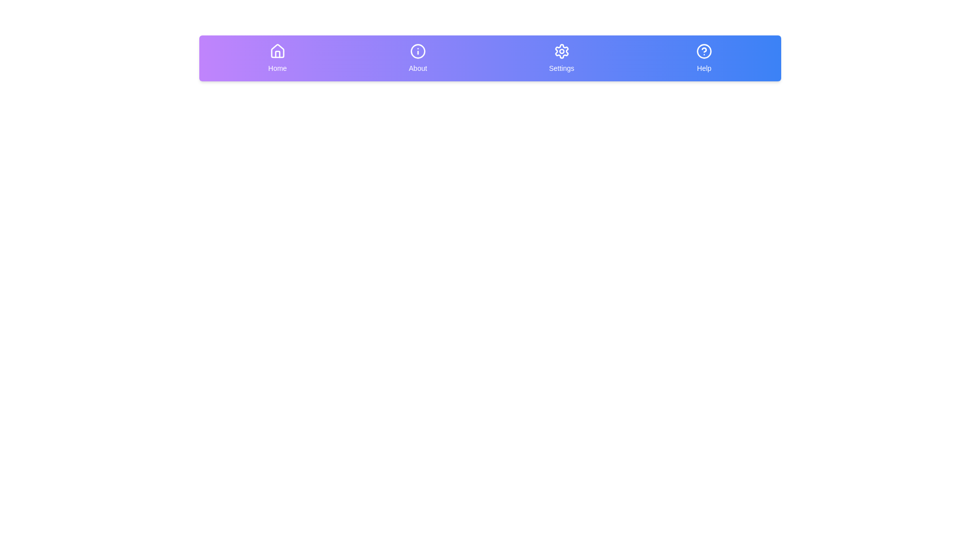 The image size is (959, 539). What do you see at coordinates (561, 51) in the screenshot?
I see `the gear-shaped settings icon with a white outline and blue background located in the top navigation bar to potentially reveal additional information` at bounding box center [561, 51].